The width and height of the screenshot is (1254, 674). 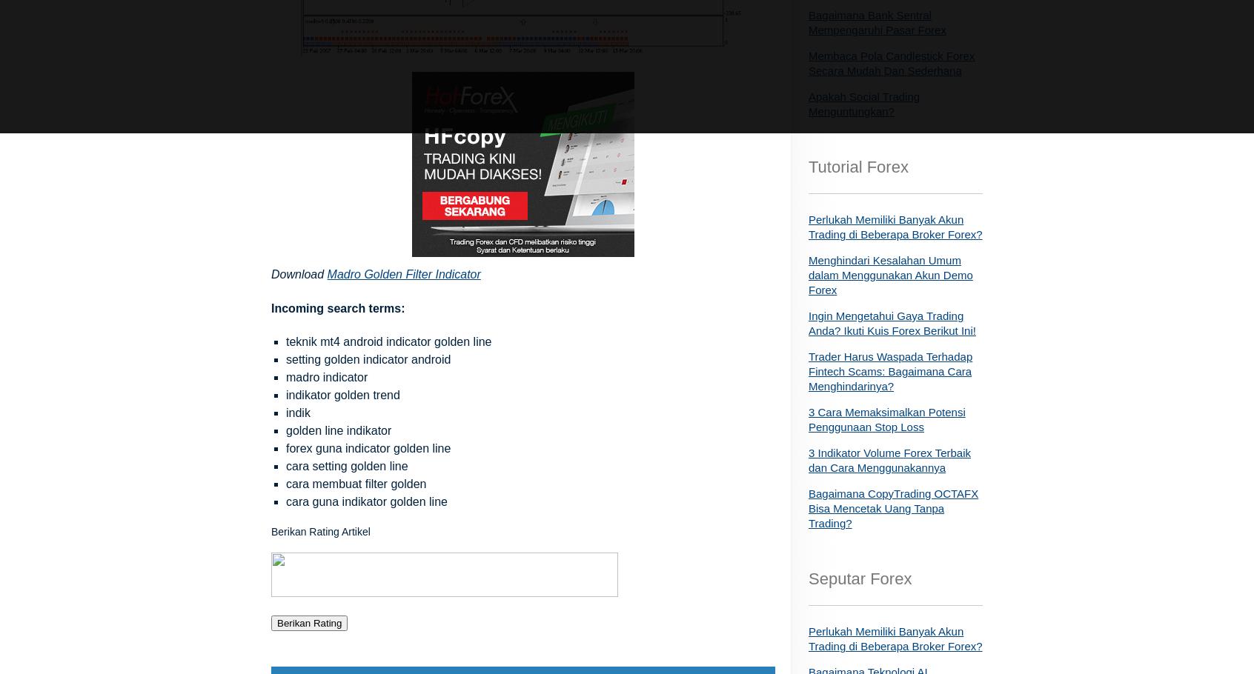 What do you see at coordinates (857, 166) in the screenshot?
I see `'Tutorial Forex'` at bounding box center [857, 166].